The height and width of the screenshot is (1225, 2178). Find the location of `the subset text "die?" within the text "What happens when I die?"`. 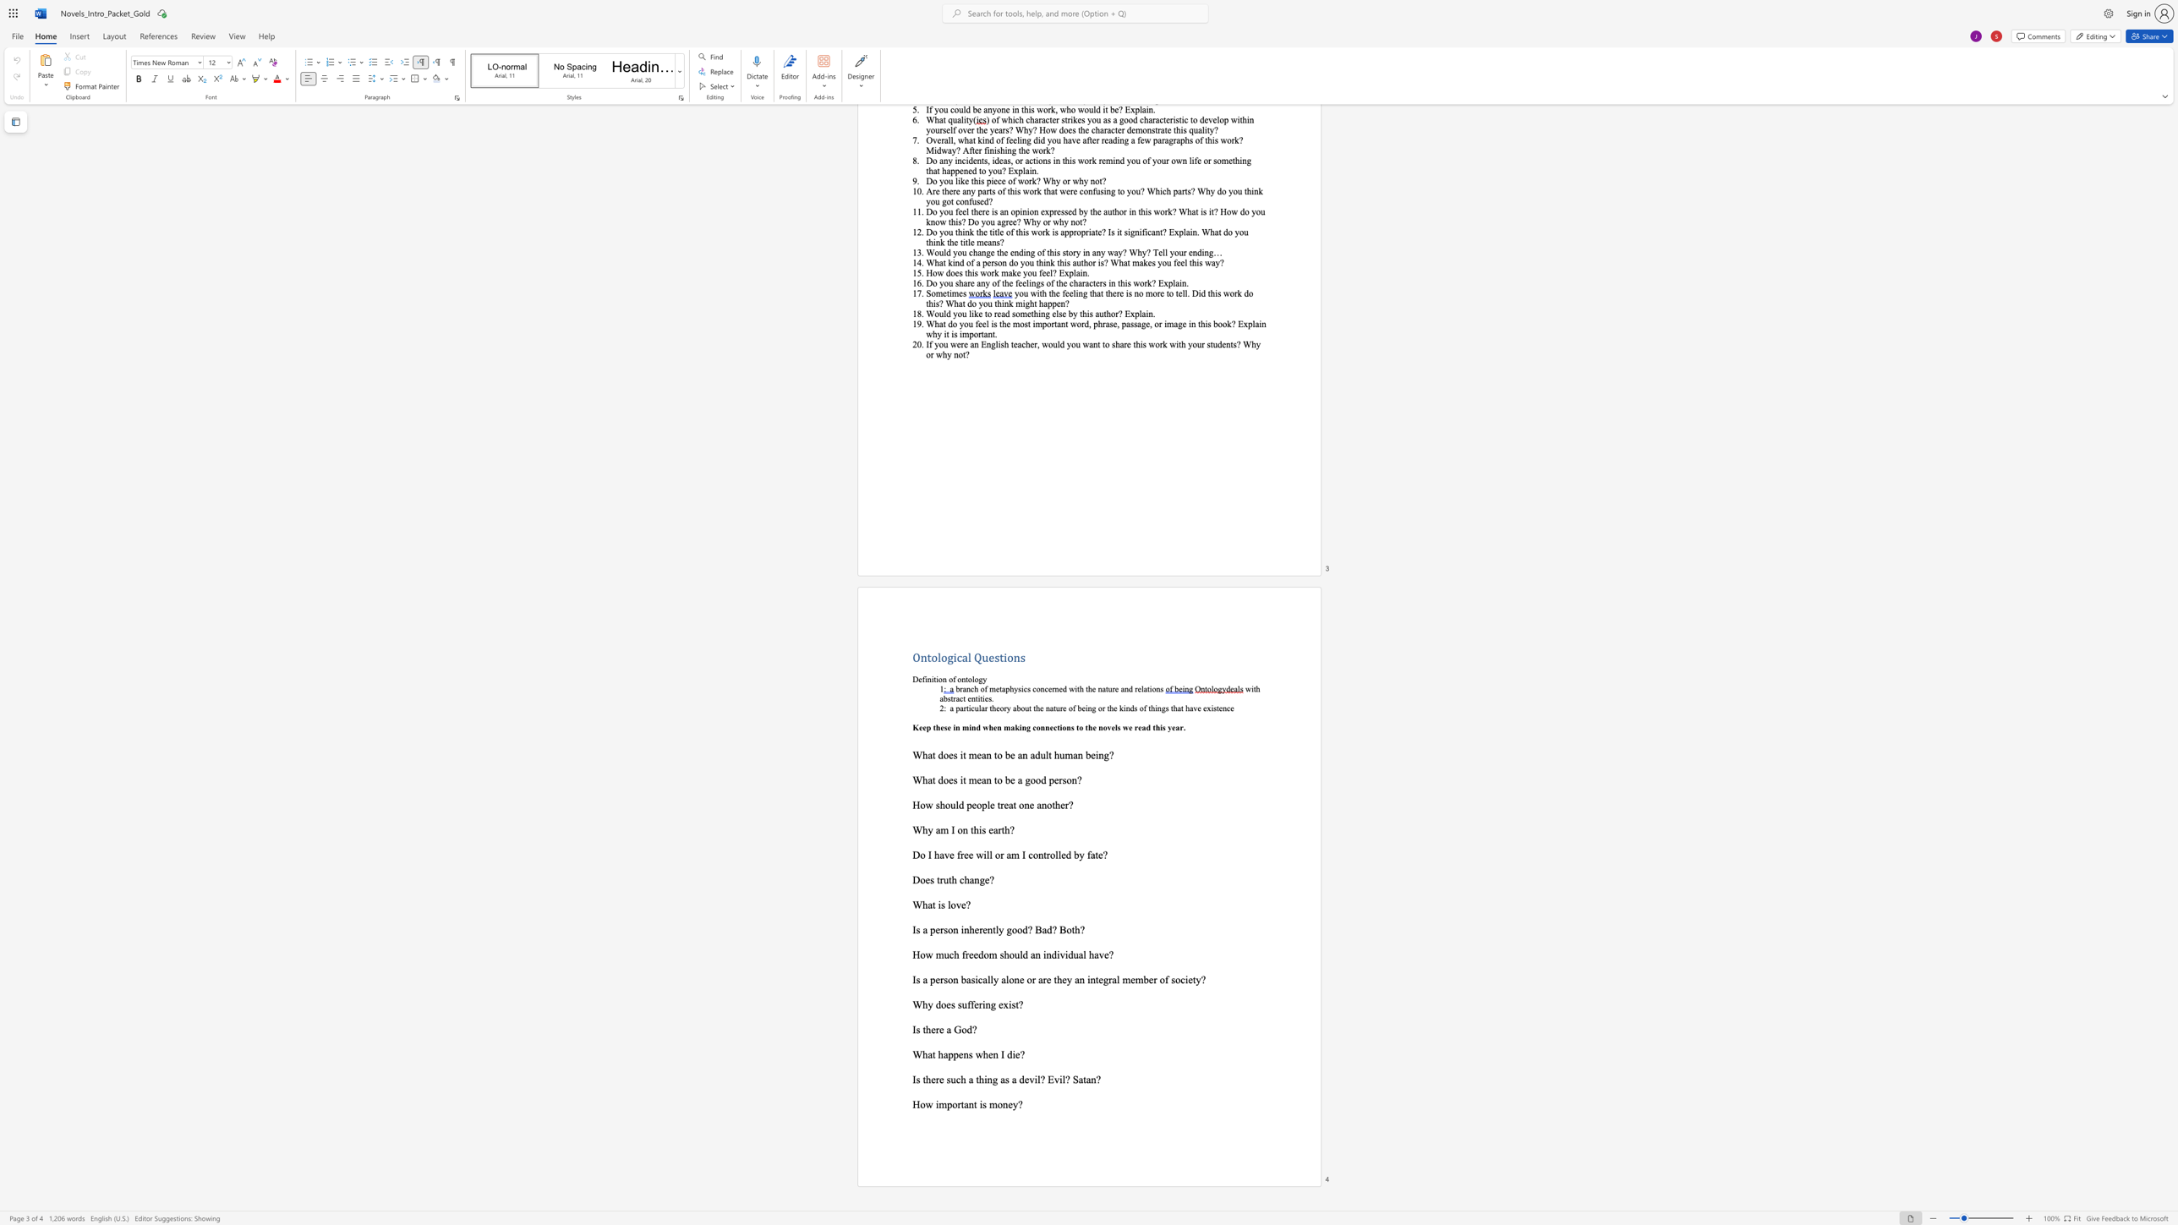

the subset text "die?" within the text "What happens when I die?" is located at coordinates (1007, 1053).